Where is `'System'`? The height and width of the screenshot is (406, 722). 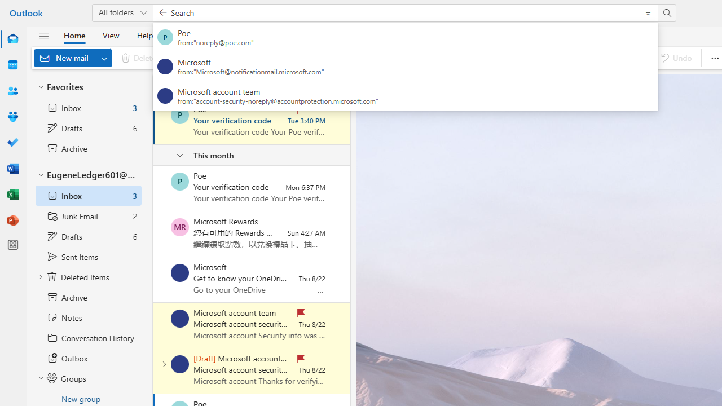
'System' is located at coordinates (6, 6).